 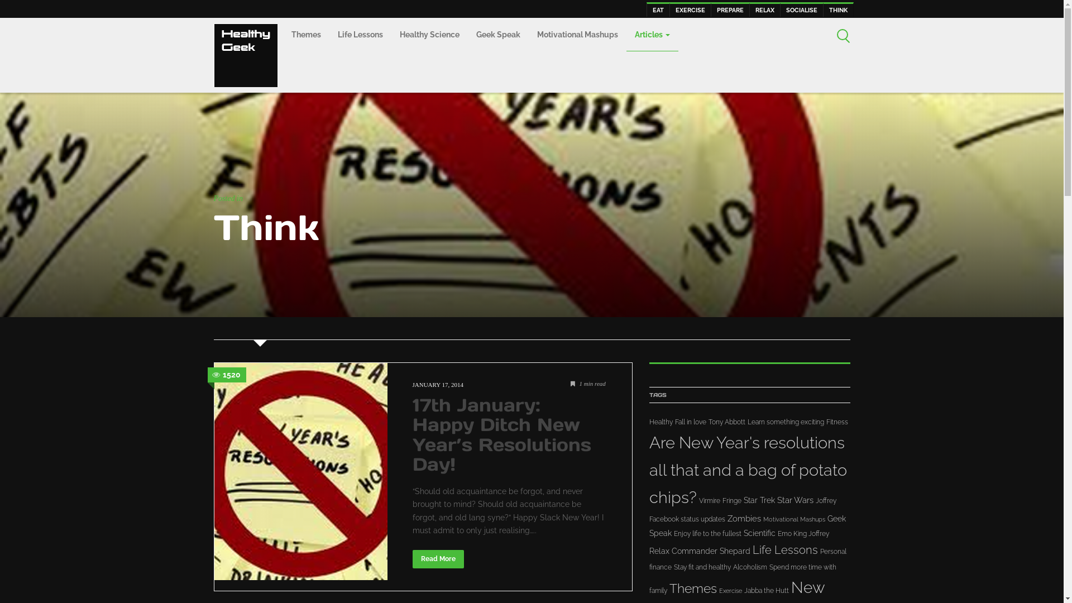 I want to click on 'Read More', so click(x=411, y=559).